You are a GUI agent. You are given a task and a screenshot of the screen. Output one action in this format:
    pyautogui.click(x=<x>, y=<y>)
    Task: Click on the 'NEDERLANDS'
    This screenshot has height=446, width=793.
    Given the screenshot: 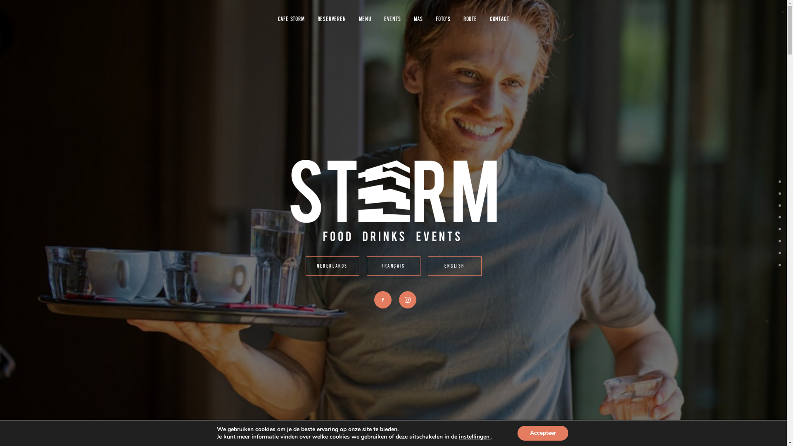 What is the action you would take?
    pyautogui.click(x=332, y=266)
    